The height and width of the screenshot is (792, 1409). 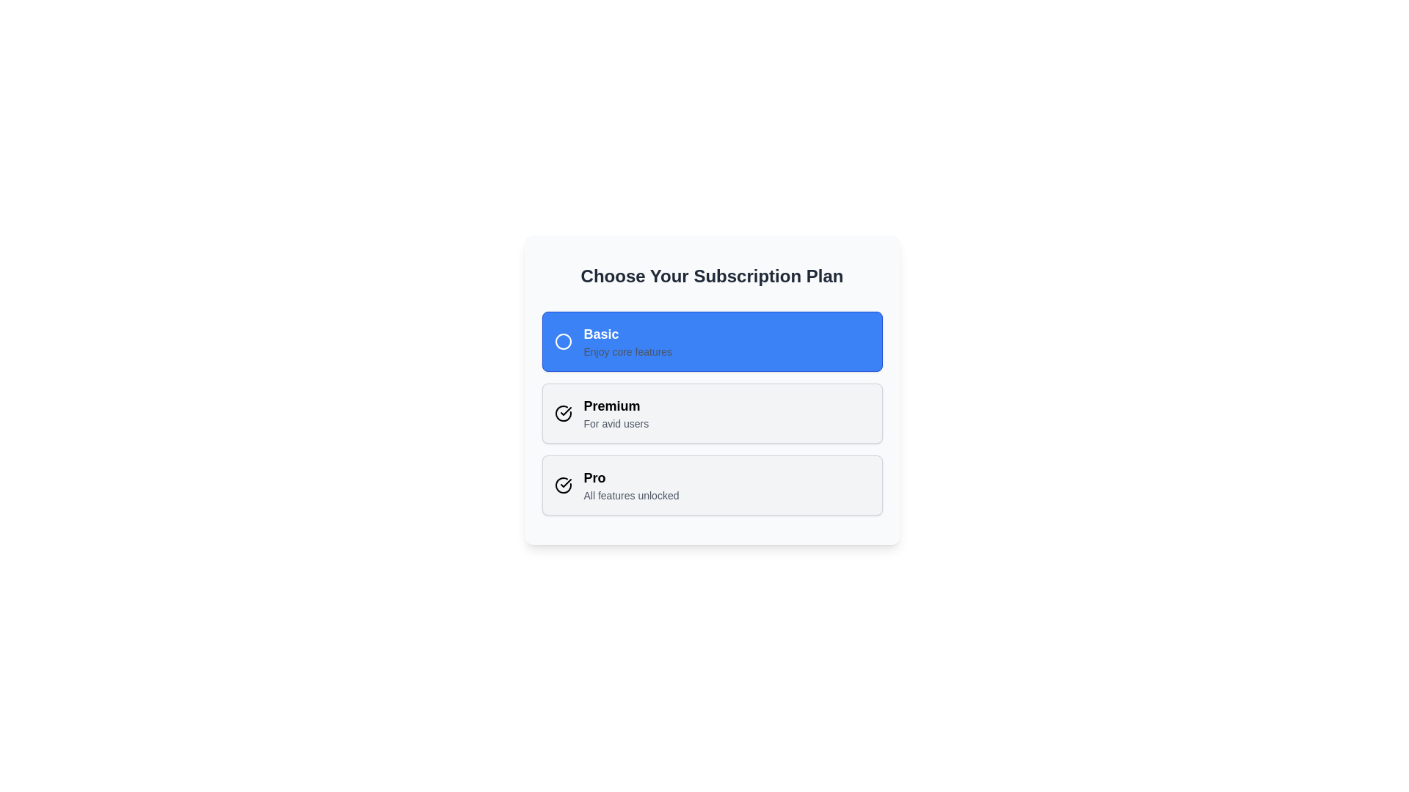 What do you see at coordinates (565, 411) in the screenshot?
I see `the checkmark icon in the 'Pro' subscription option row, which is part of the status indicator section` at bounding box center [565, 411].